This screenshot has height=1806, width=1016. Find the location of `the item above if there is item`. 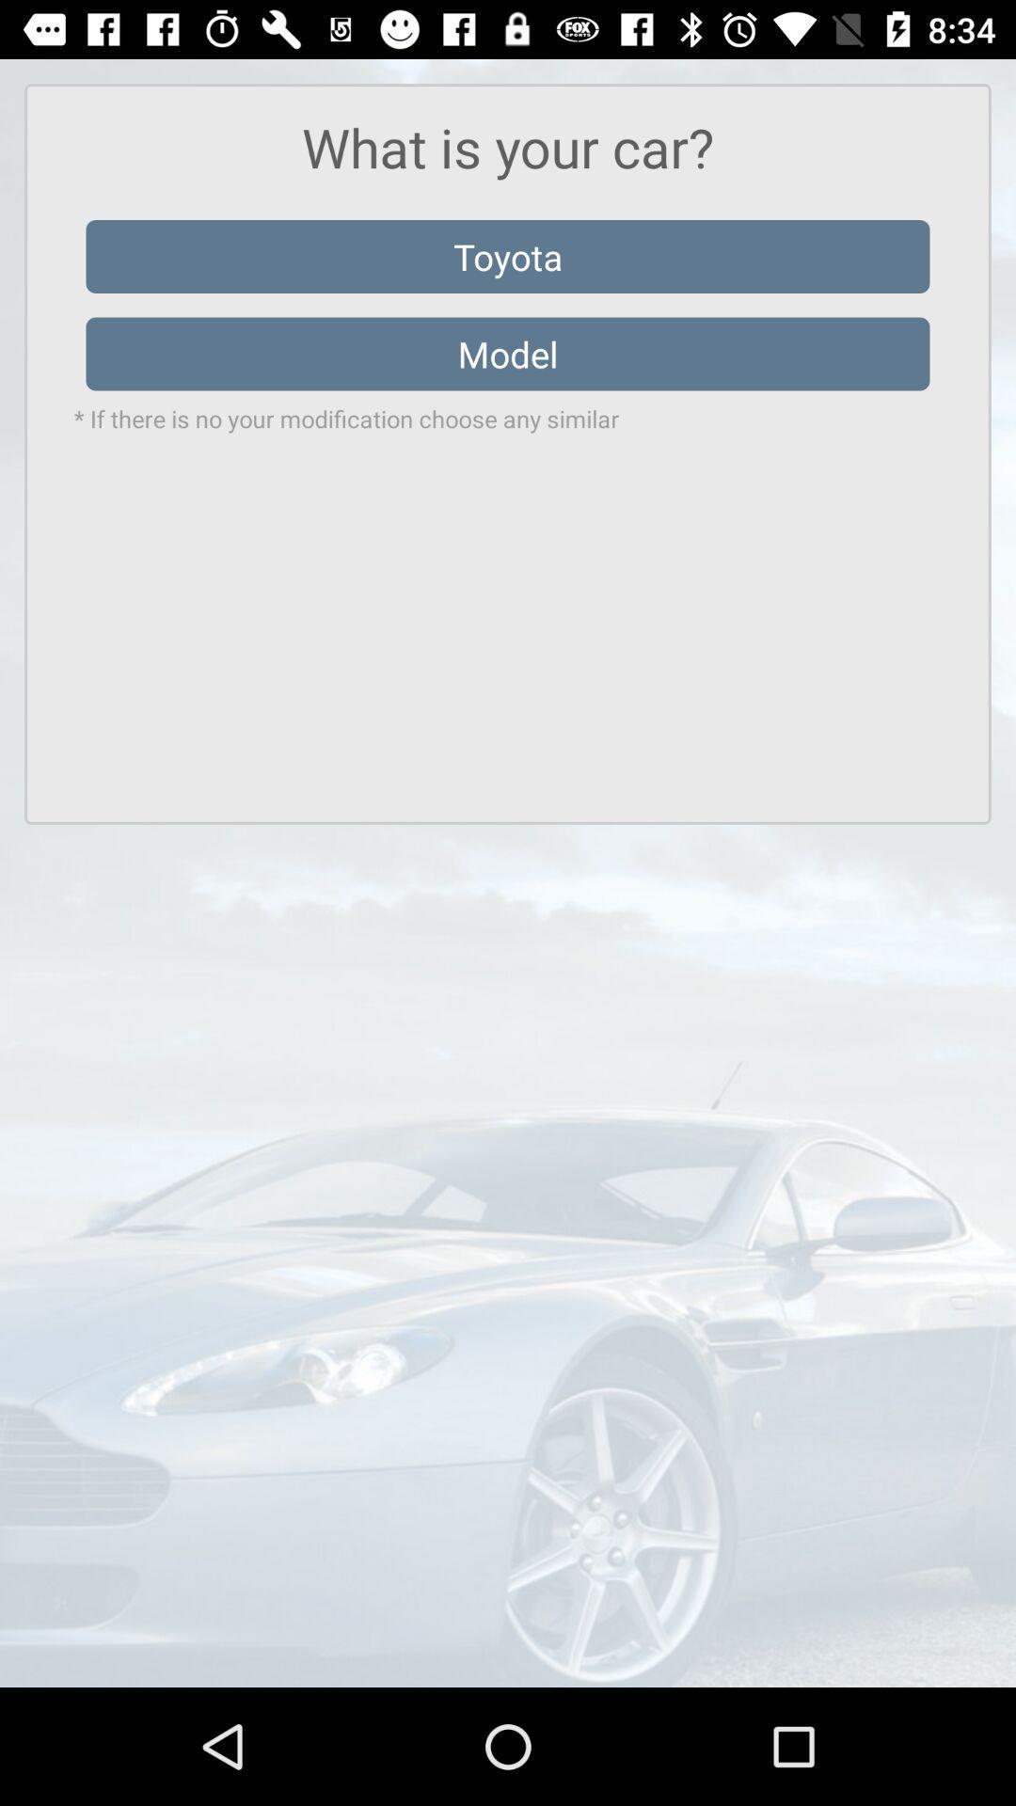

the item above if there is item is located at coordinates (508, 354).